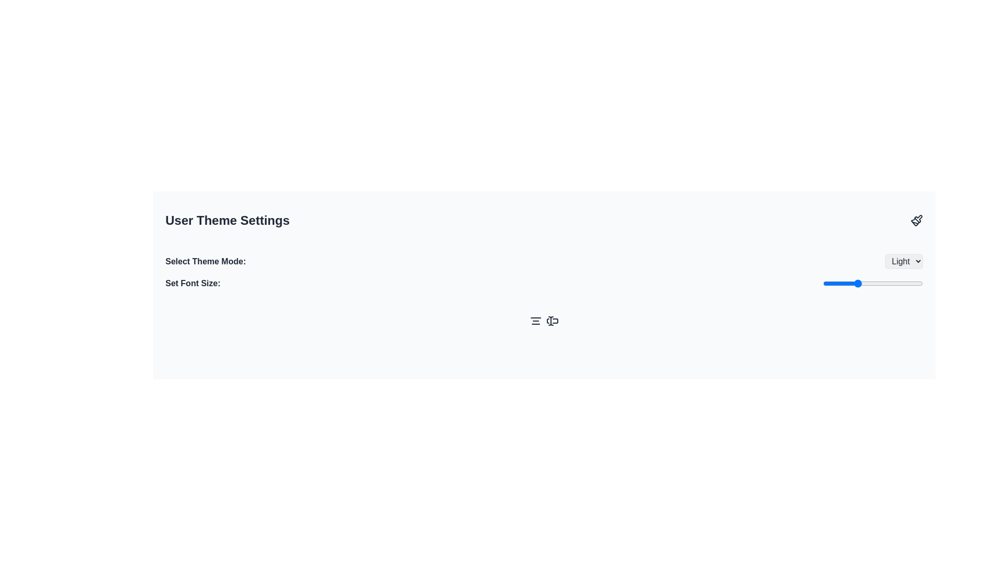 This screenshot has width=999, height=562. Describe the element at coordinates (903, 261) in the screenshot. I see `the dropdown menu located to the right of the 'Select Theme Mode:' label` at that location.